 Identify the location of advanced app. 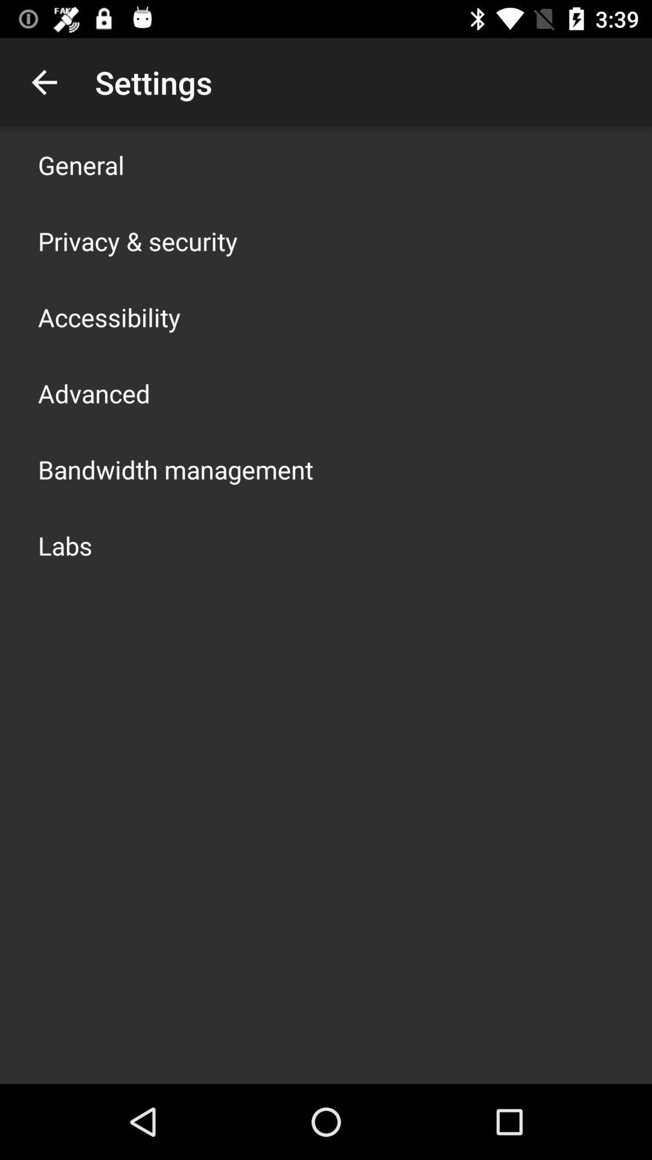
(93, 393).